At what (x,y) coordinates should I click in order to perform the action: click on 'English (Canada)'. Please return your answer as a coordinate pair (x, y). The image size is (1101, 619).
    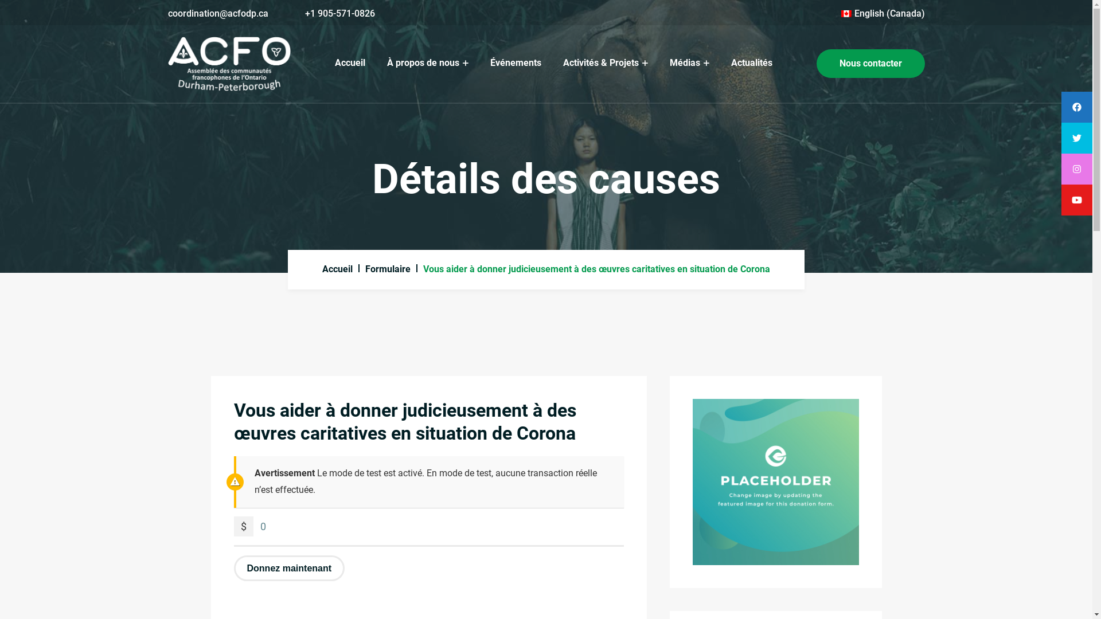
    Looking at the image, I should click on (881, 13).